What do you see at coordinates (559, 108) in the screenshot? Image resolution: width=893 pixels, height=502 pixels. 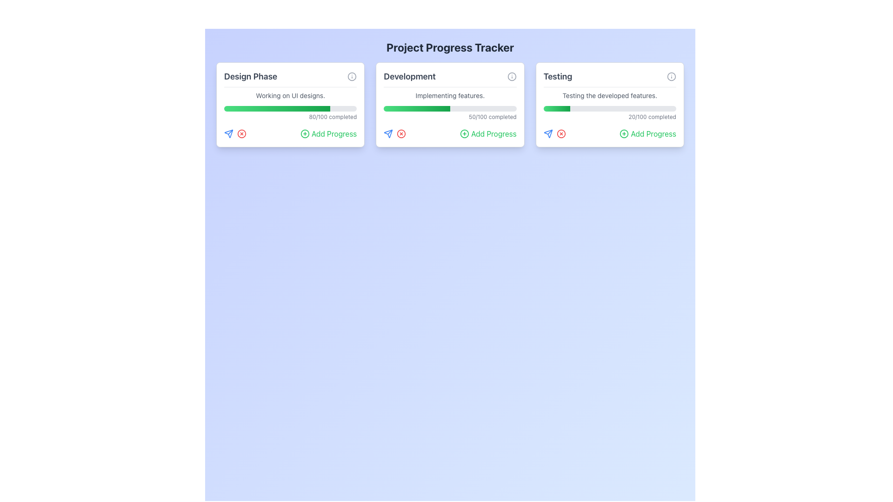 I see `the progress value` at bounding box center [559, 108].